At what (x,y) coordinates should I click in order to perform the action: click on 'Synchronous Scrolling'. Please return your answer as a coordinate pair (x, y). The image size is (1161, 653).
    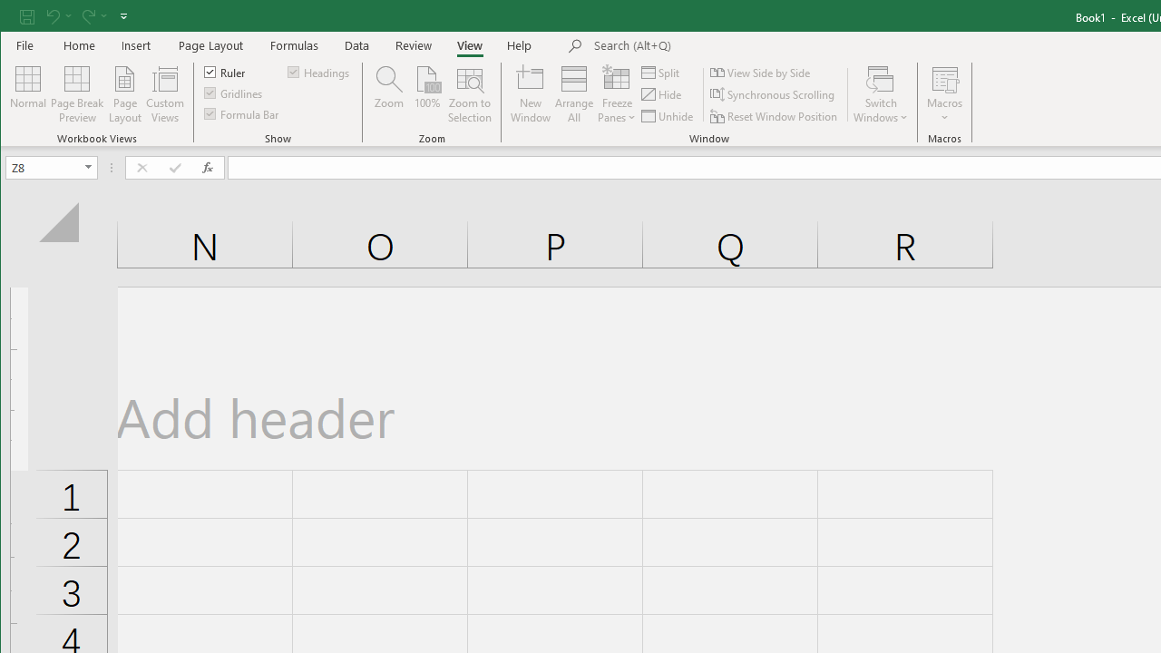
    Looking at the image, I should click on (774, 94).